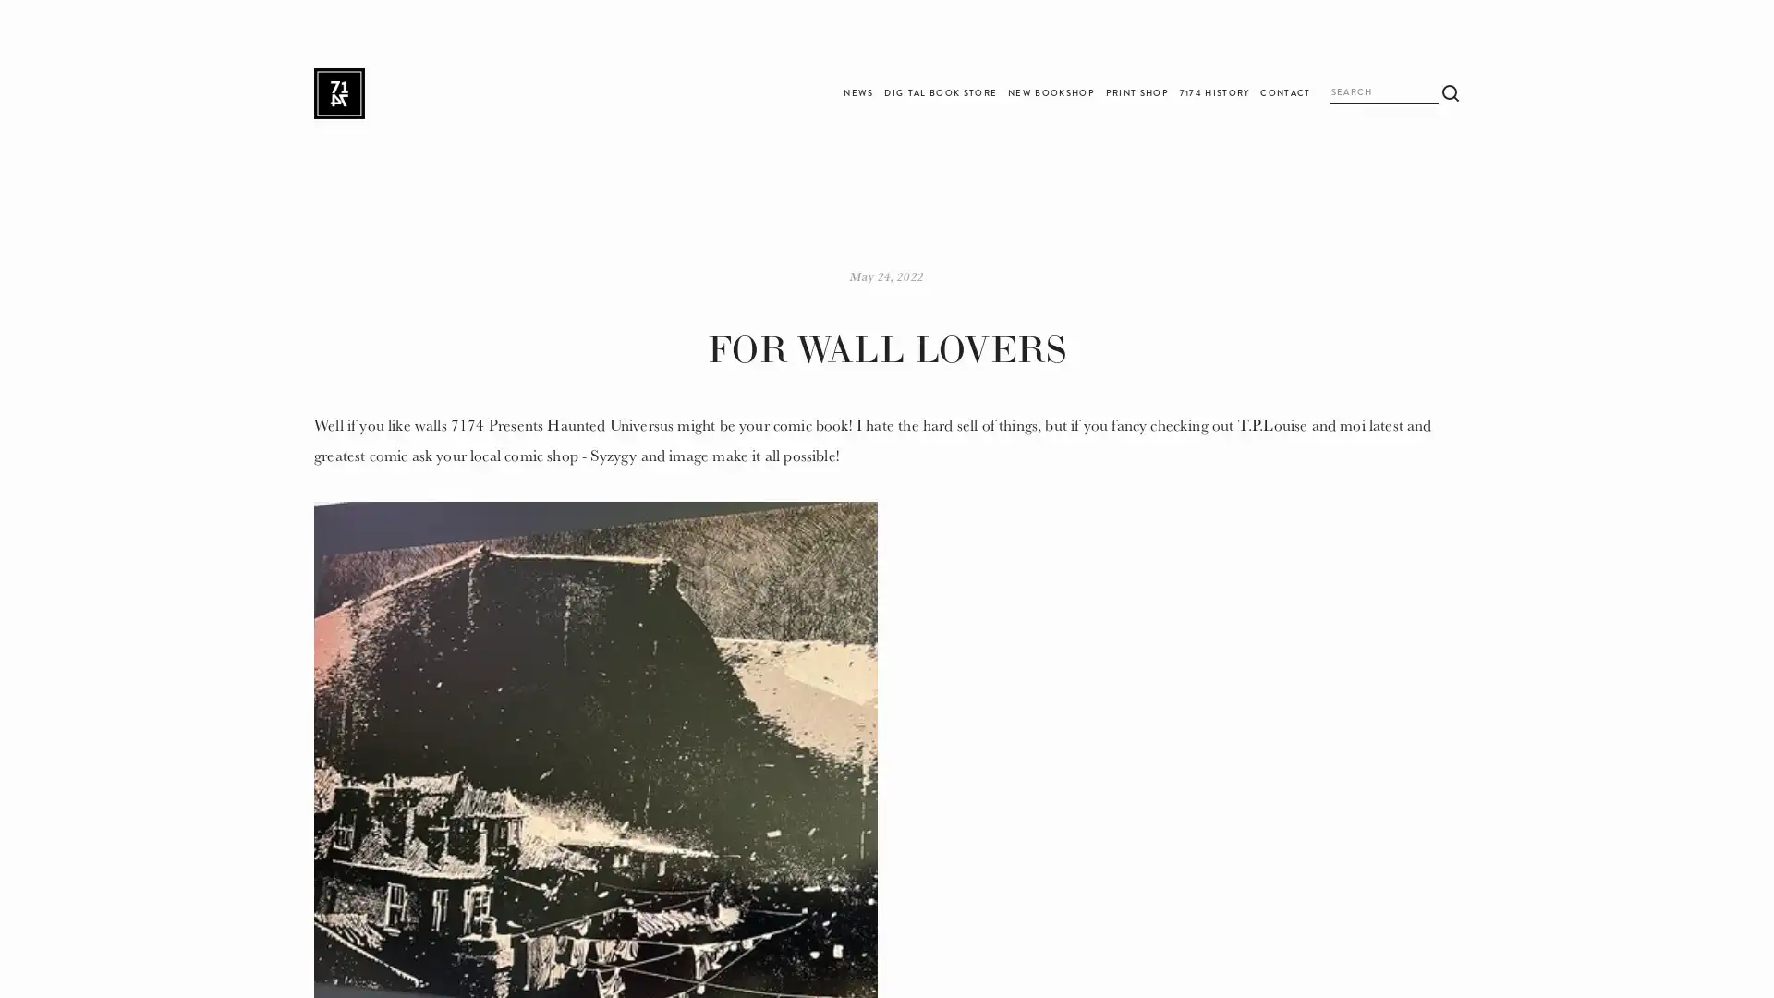 The height and width of the screenshot is (998, 1774). Describe the element at coordinates (1149, 343) in the screenshot. I see `Close` at that location.